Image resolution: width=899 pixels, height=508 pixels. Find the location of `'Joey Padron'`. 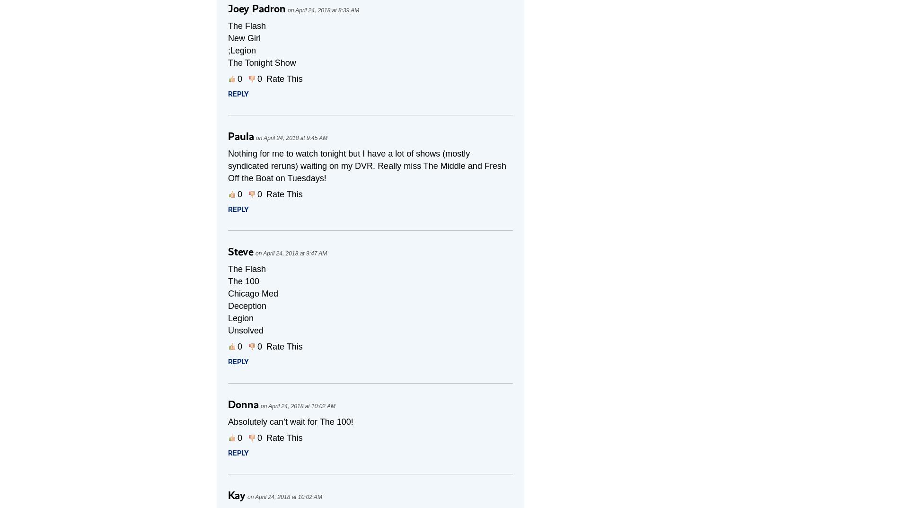

'Joey Padron' is located at coordinates (257, 8).